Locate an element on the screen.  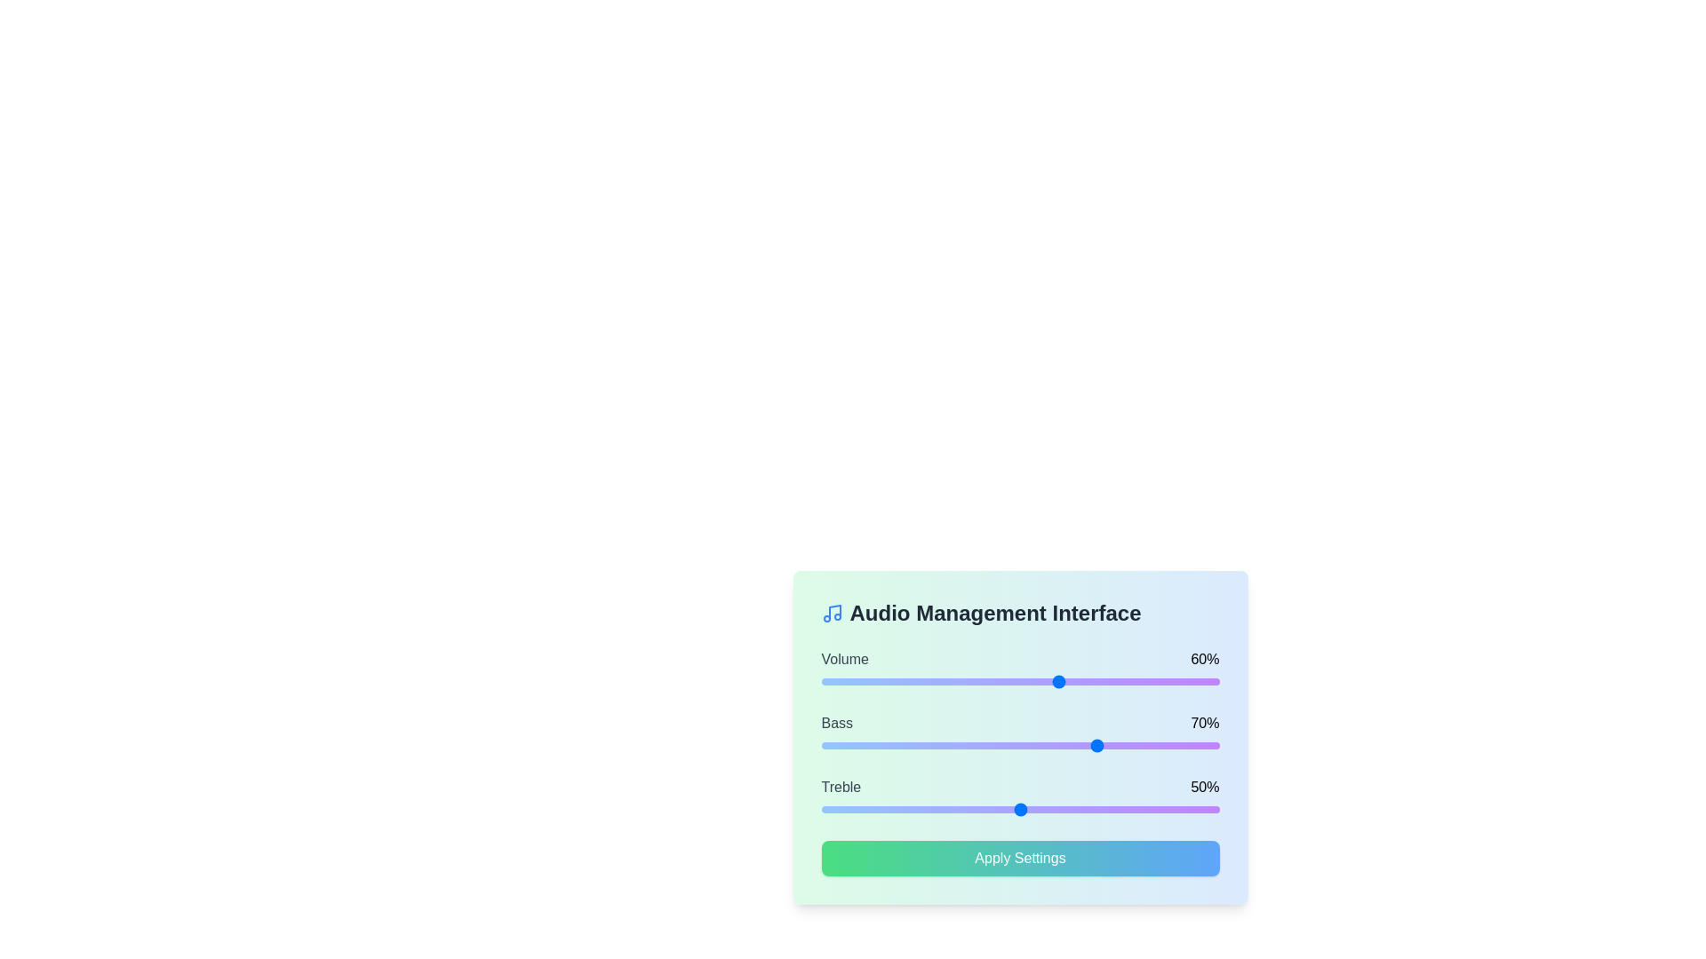
the bass level is located at coordinates (1020, 746).